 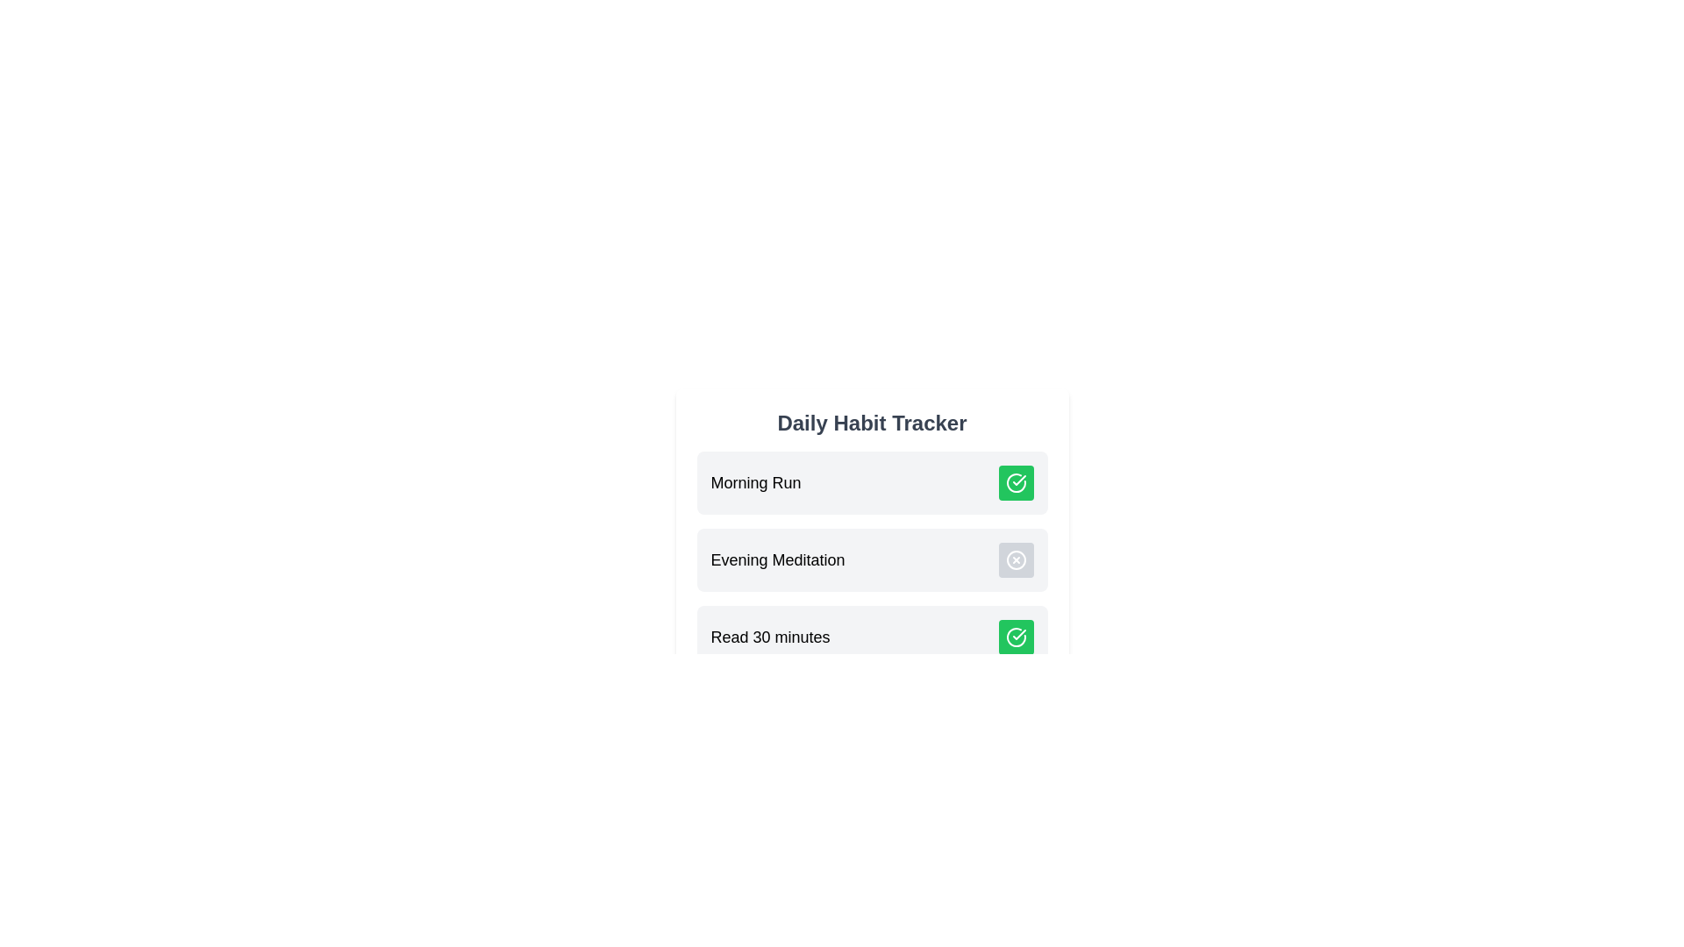 What do you see at coordinates (770, 637) in the screenshot?
I see `descriptive text of the label that specifies the habit or task associated with the bottom-most habit entry in the 'Daily Habit Tracker', located to the left of the green checkbox icon` at bounding box center [770, 637].